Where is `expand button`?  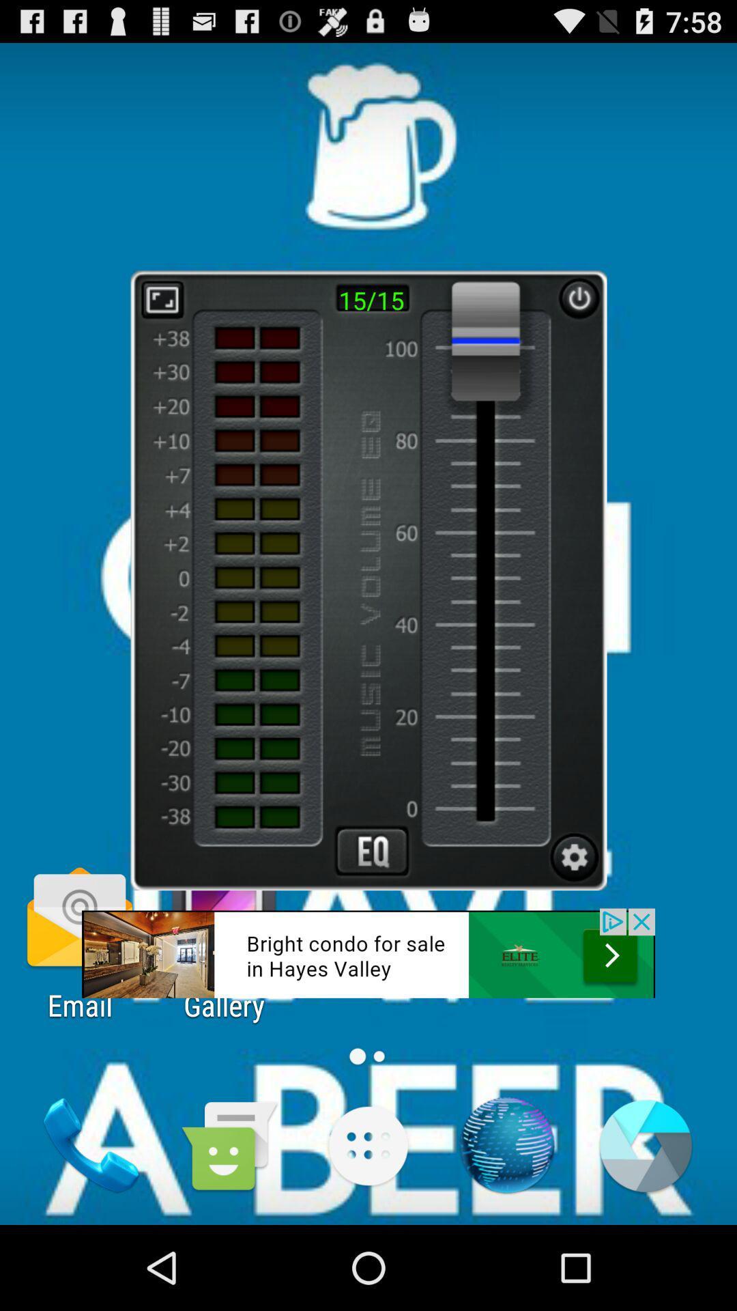 expand button is located at coordinates (161, 298).